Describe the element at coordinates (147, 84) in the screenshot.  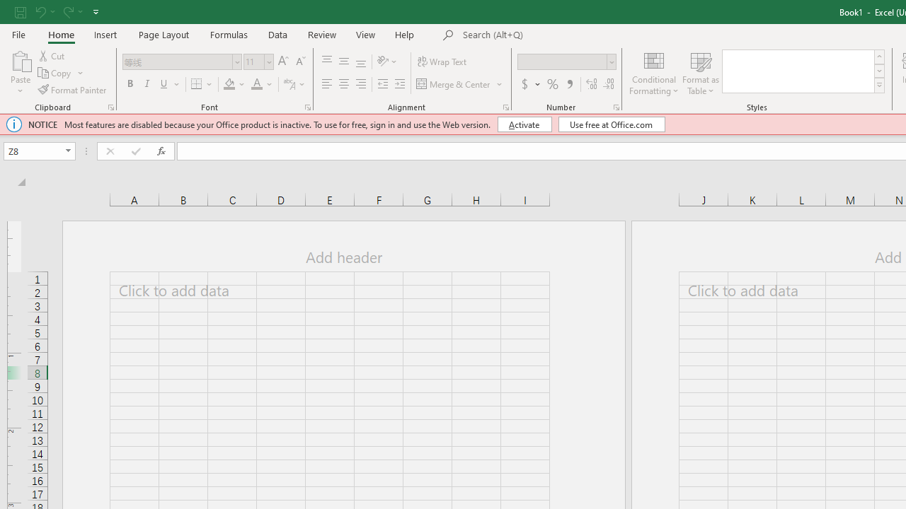
I see `'Italic'` at that location.